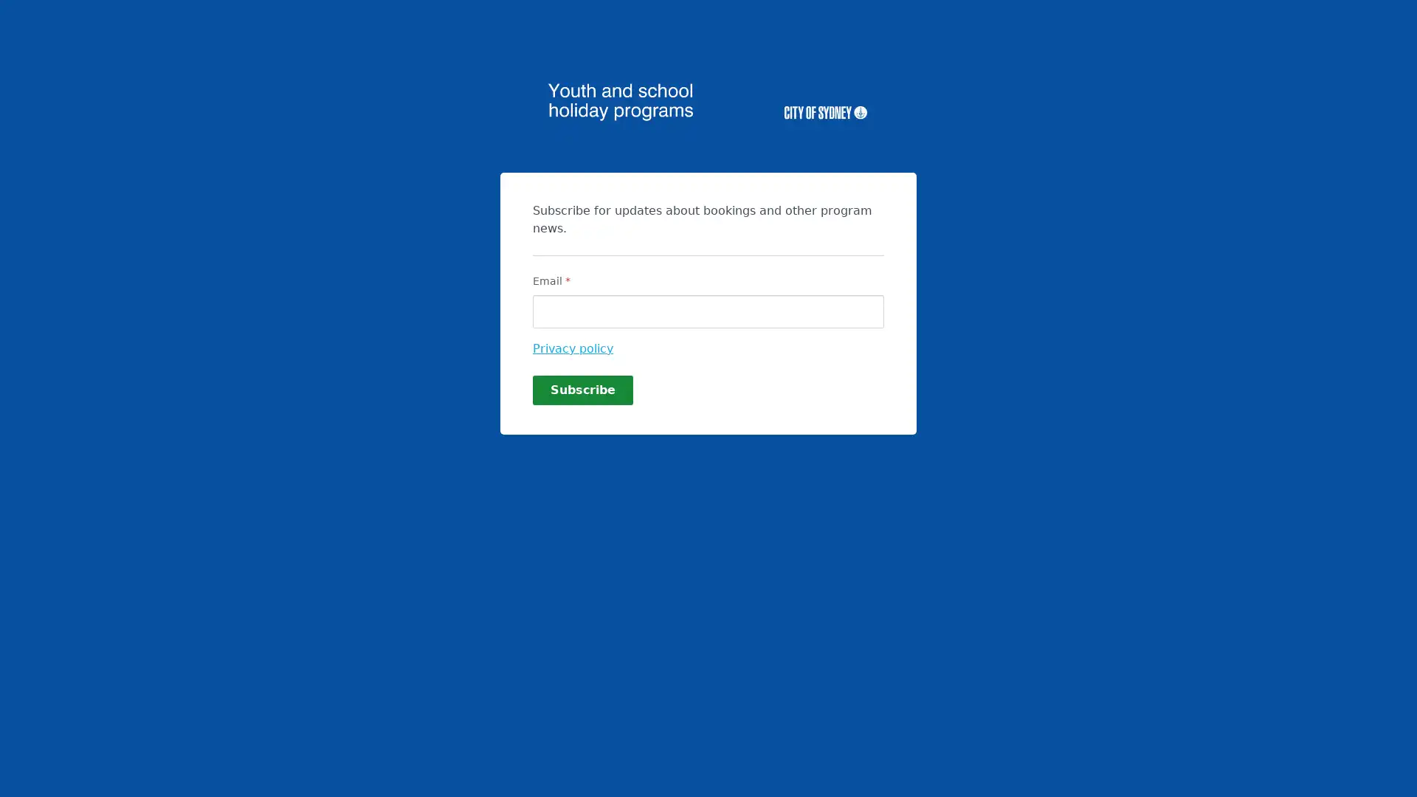 Image resolution: width=1417 pixels, height=797 pixels. Describe the element at coordinates (582, 389) in the screenshot. I see `Subscribe` at that location.